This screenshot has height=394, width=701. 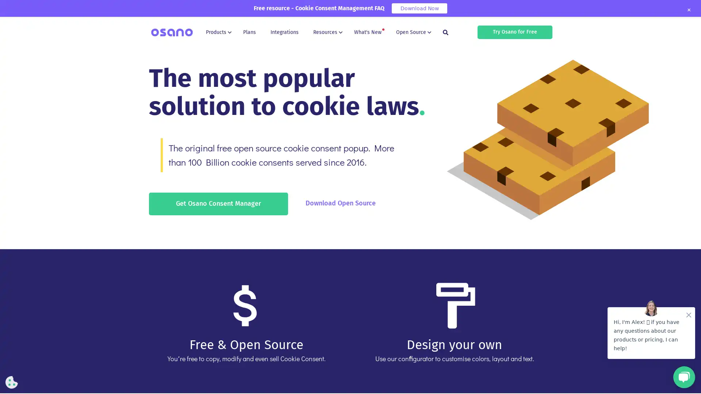 What do you see at coordinates (688, 10) in the screenshot?
I see `Close` at bounding box center [688, 10].